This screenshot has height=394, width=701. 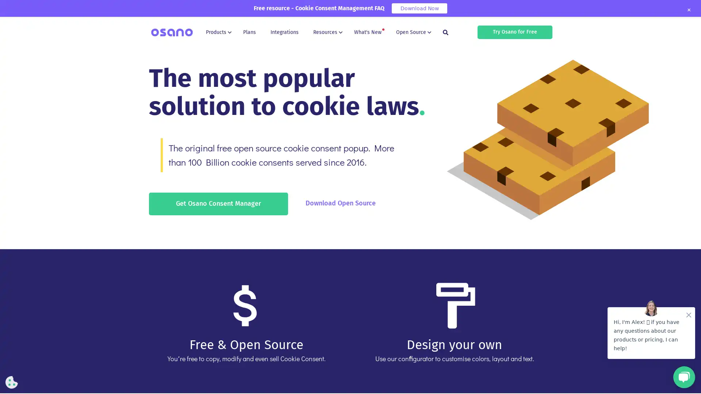 What do you see at coordinates (688, 10) in the screenshot?
I see `Close` at bounding box center [688, 10].